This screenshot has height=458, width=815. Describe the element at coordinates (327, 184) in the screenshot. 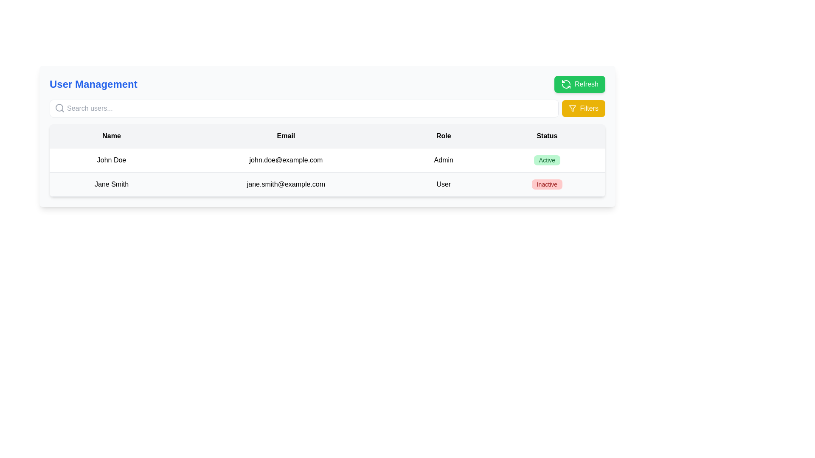

I see `the second row of the table that displays detailed information including name, email, role, and status` at that location.